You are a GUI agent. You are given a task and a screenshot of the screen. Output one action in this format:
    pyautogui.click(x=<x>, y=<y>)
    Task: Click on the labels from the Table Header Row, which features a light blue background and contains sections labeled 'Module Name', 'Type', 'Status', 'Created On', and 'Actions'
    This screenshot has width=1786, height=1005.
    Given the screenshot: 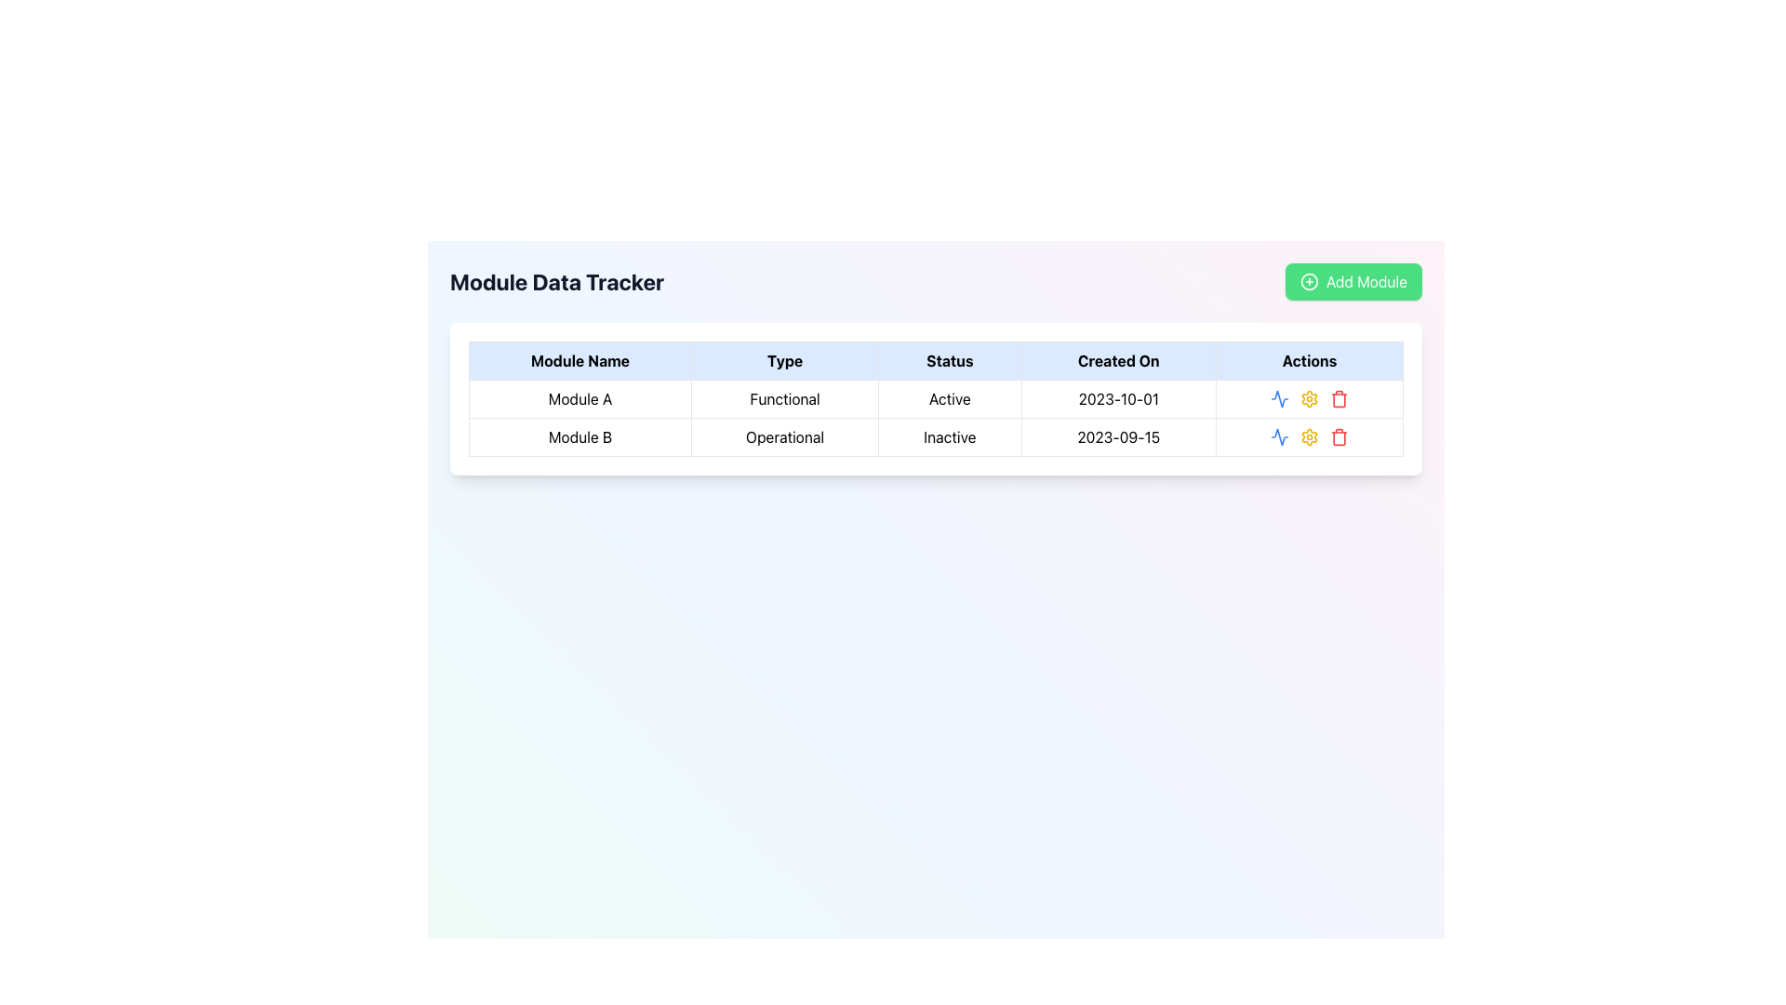 What is the action you would take?
    pyautogui.click(x=936, y=361)
    